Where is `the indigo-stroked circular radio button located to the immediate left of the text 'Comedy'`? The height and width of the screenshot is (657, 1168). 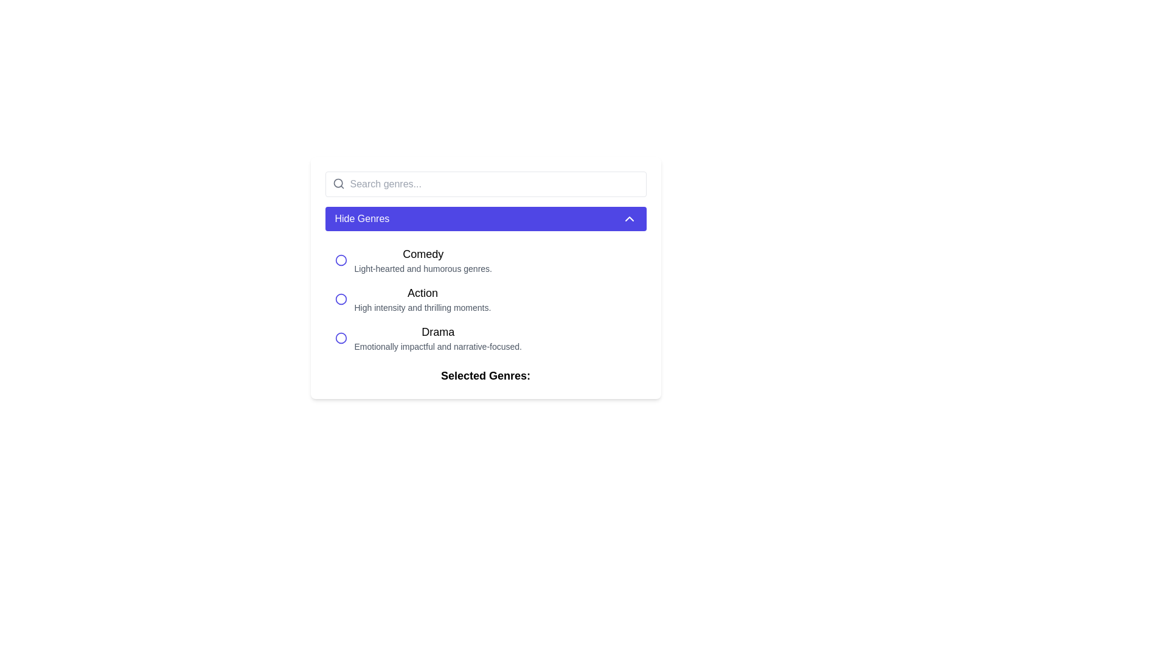
the indigo-stroked circular radio button located to the immediate left of the text 'Comedy' is located at coordinates (341, 260).